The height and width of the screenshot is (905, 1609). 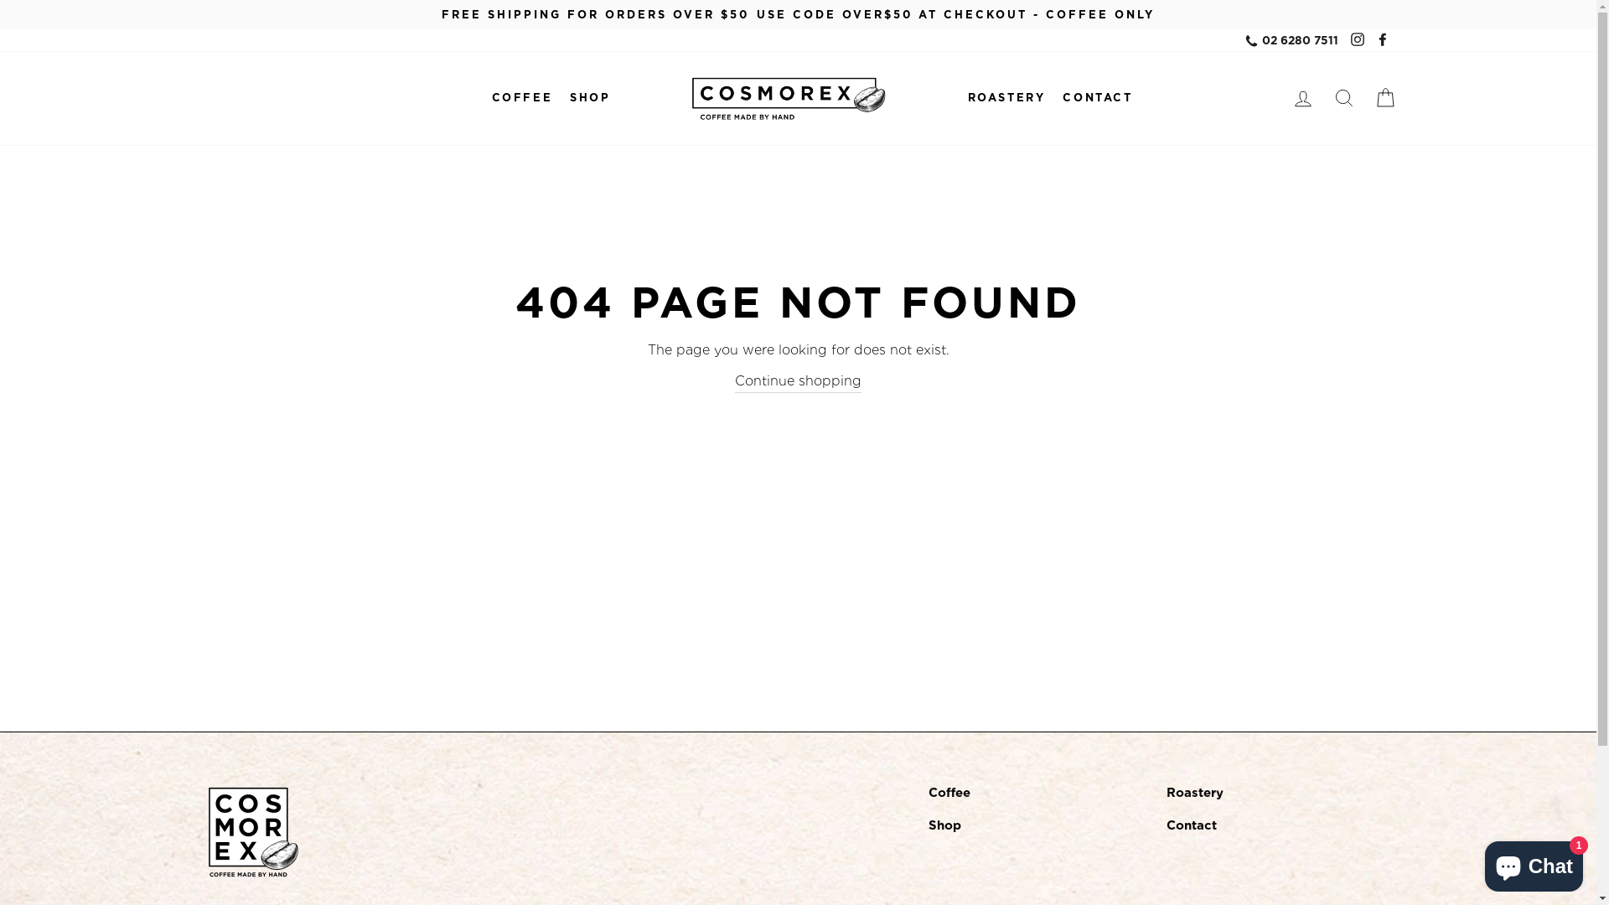 I want to click on 'LOG IN', so click(x=1301, y=98).